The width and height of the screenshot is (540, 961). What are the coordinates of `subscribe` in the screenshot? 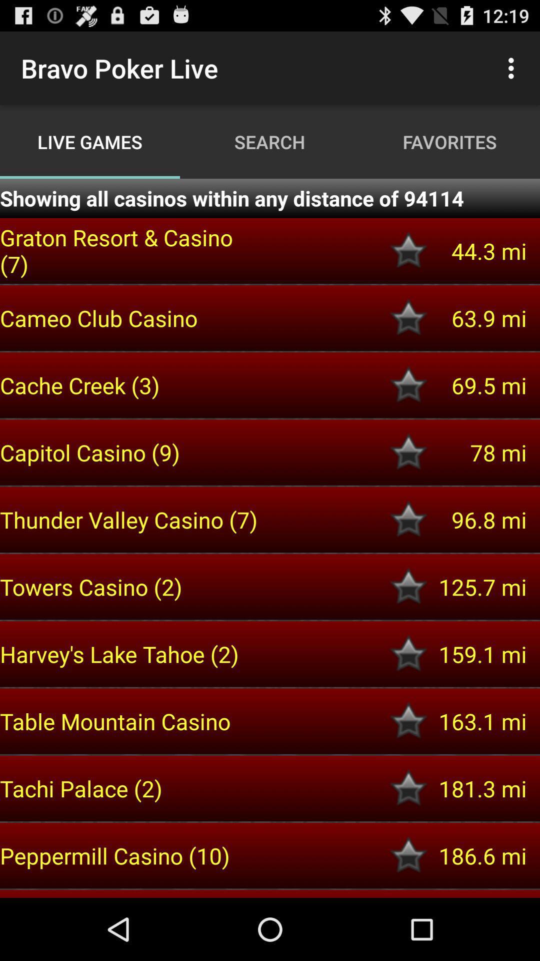 It's located at (408, 520).